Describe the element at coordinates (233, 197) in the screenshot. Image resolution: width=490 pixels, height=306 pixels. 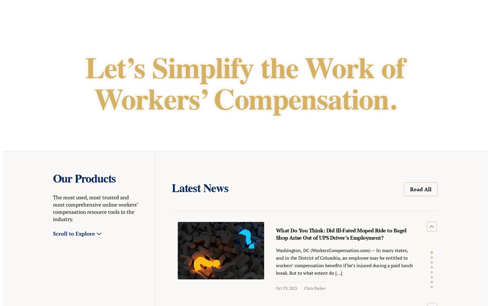
I see `'Oct 10, 2023 - Oct 10, 2023'` at that location.